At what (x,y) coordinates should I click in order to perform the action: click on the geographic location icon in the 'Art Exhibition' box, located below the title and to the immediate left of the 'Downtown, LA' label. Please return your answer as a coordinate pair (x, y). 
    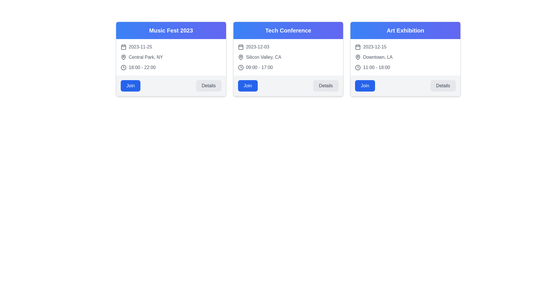
    Looking at the image, I should click on (358, 57).